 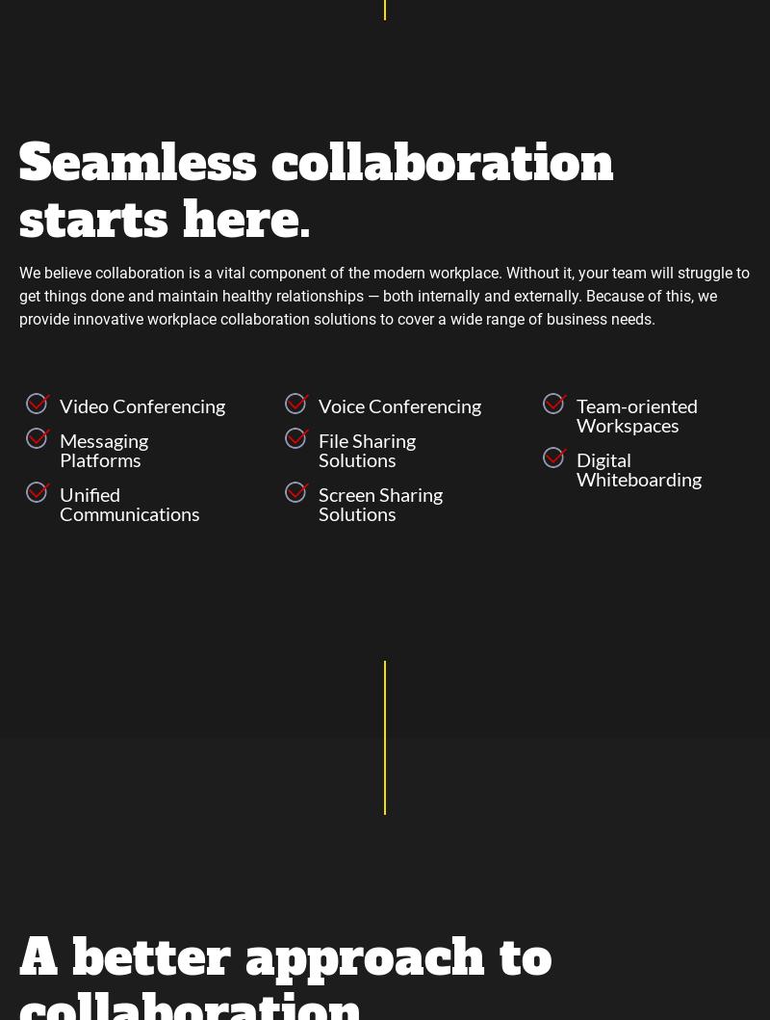 What do you see at coordinates (59, 502) in the screenshot?
I see `'Unified Communications'` at bounding box center [59, 502].